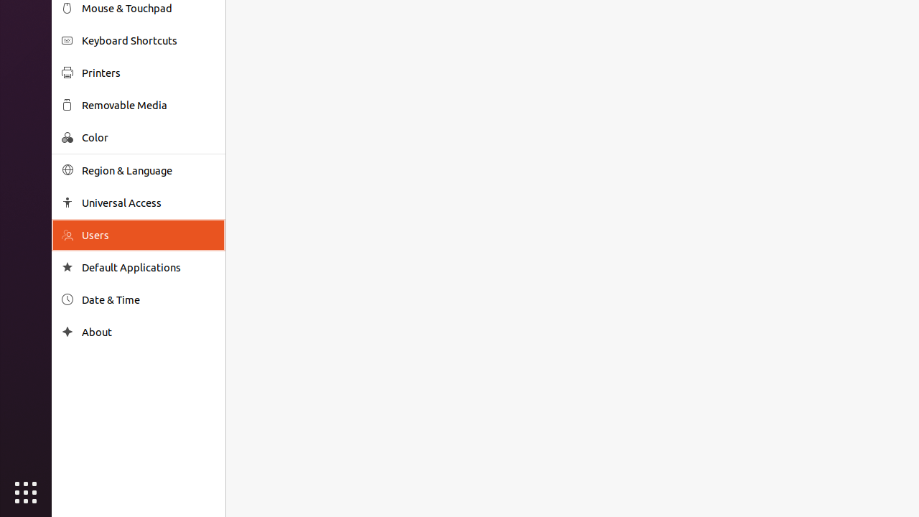 The height and width of the screenshot is (517, 919). I want to click on 'Default Applications', so click(148, 267).